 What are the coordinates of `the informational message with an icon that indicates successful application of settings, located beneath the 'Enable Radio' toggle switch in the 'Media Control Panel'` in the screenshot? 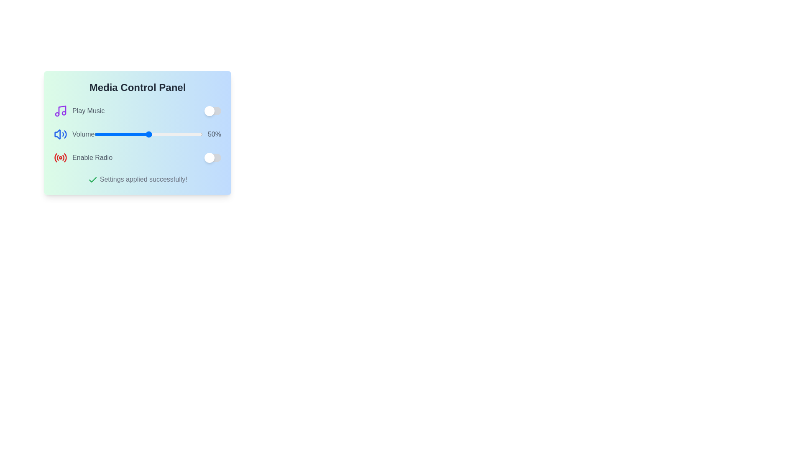 It's located at (137, 179).